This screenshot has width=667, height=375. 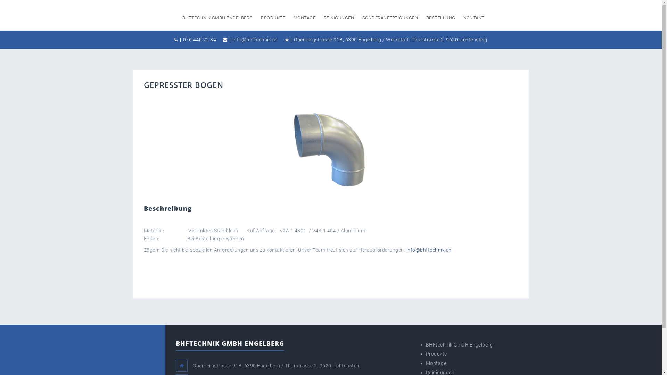 What do you see at coordinates (293, 17) in the screenshot?
I see `'MONTAGE'` at bounding box center [293, 17].